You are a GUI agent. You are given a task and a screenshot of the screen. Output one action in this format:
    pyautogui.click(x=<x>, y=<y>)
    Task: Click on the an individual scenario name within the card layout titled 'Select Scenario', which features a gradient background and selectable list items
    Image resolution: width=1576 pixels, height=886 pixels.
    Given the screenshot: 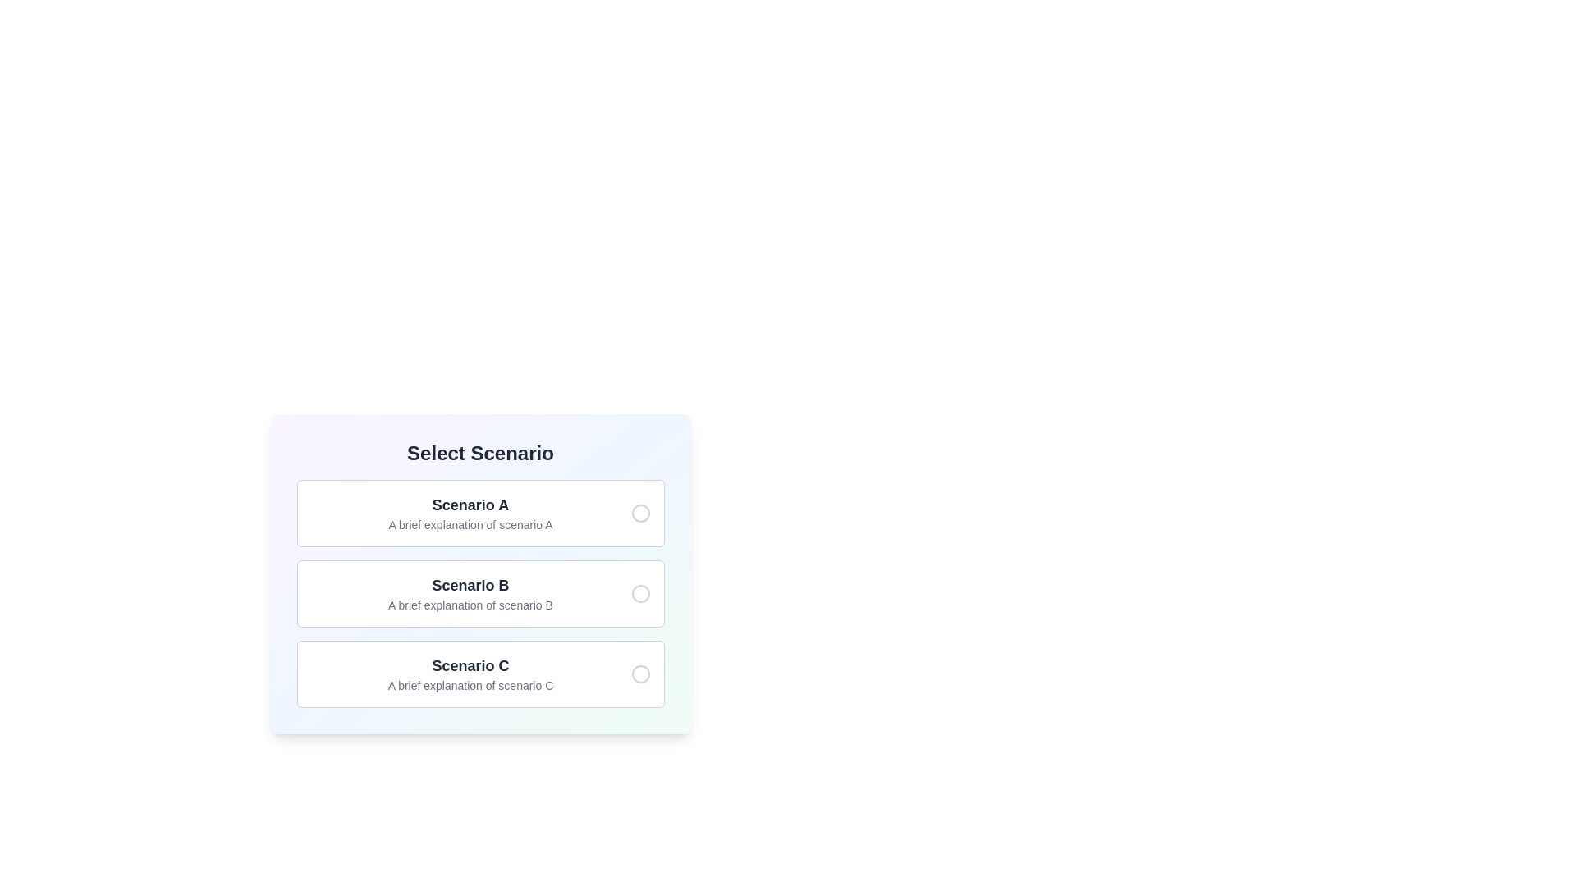 What is the action you would take?
    pyautogui.click(x=479, y=573)
    